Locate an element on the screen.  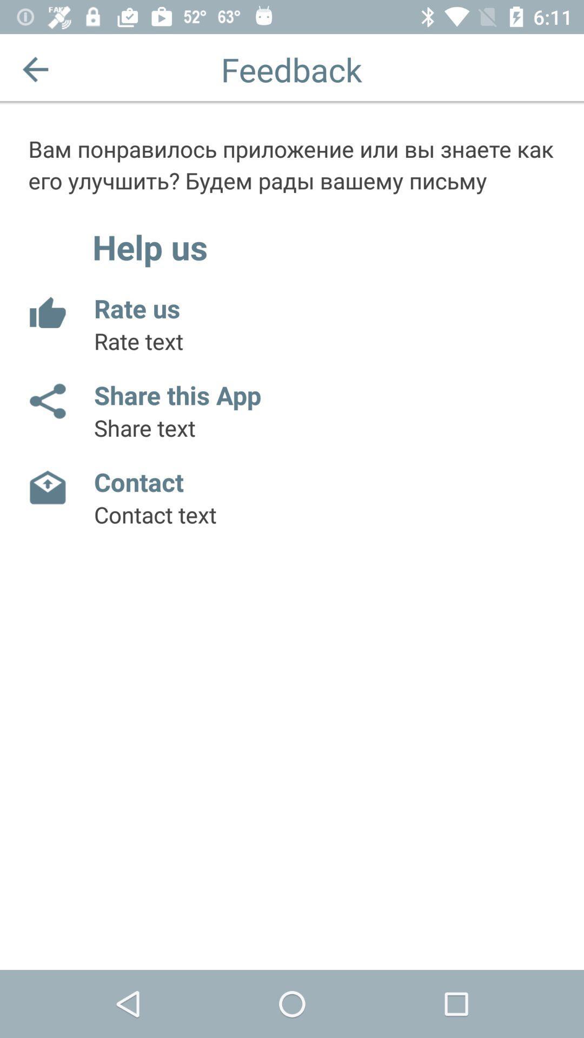
the arrow_backward icon is located at coordinates (35, 69).